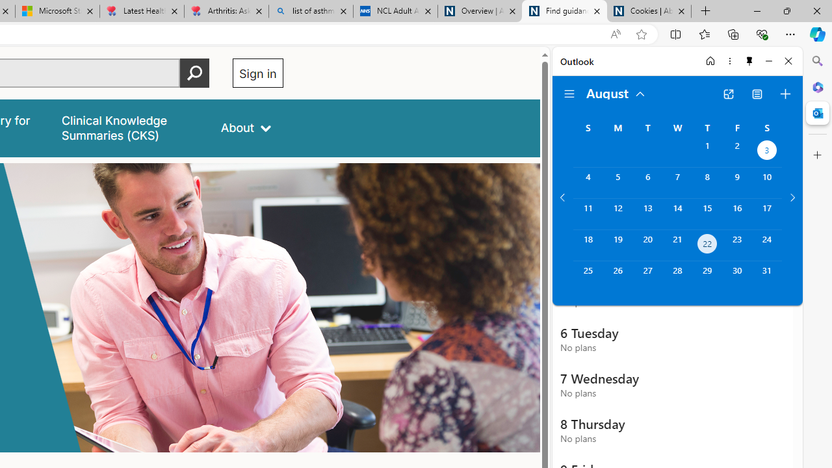 The image size is (832, 468). What do you see at coordinates (707, 245) in the screenshot?
I see `'Thursday, August 22, 2024. Today. '` at bounding box center [707, 245].